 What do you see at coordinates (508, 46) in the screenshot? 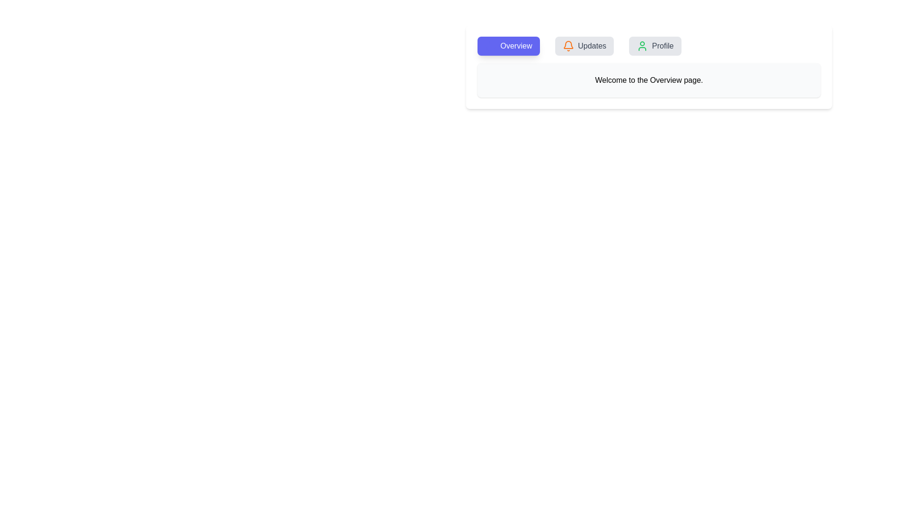
I see `the Overview tab to view its content` at bounding box center [508, 46].